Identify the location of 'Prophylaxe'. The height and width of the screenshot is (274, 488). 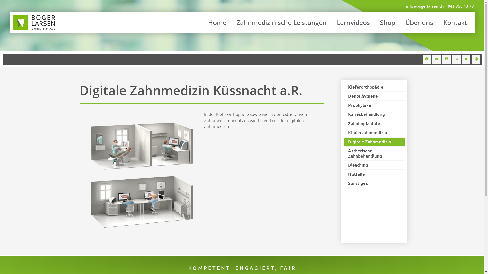
(374, 105).